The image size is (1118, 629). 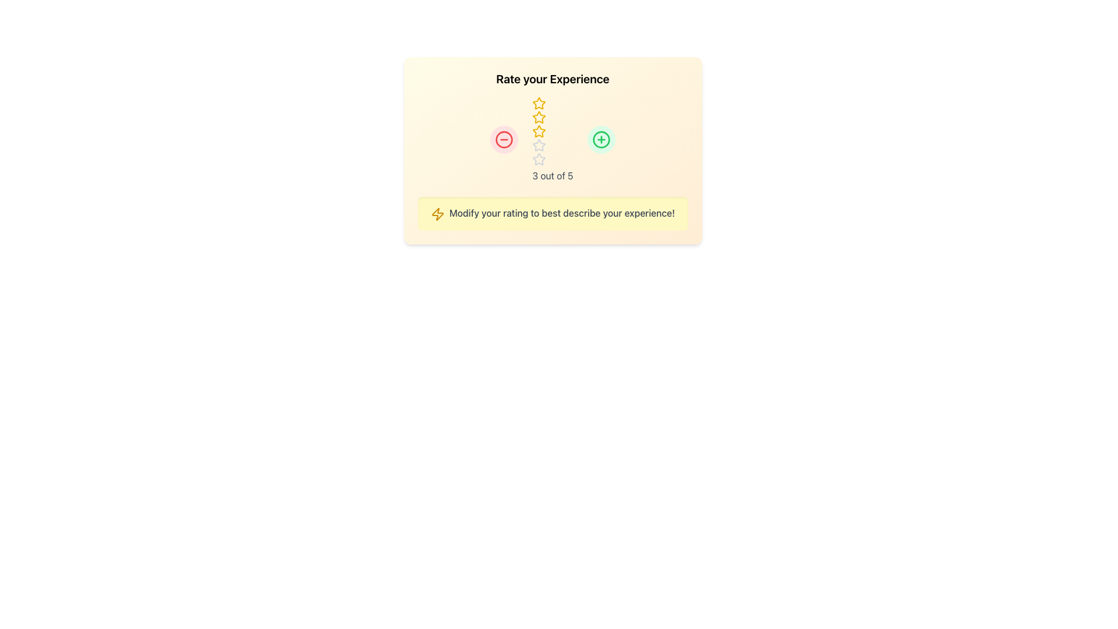 I want to click on the text label displaying the rating '3 out of 5', which is centrally aligned under a row of five stars, so click(x=552, y=175).